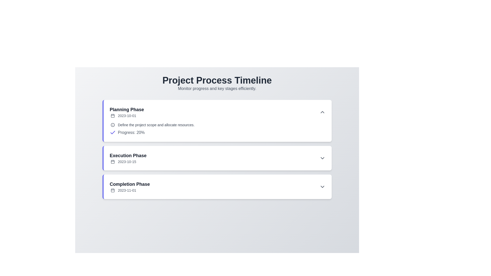  I want to click on the date information text associated with the 'Planning Phase' section, which is located beneath the title in the 'Planning Phase' block, so click(127, 116).